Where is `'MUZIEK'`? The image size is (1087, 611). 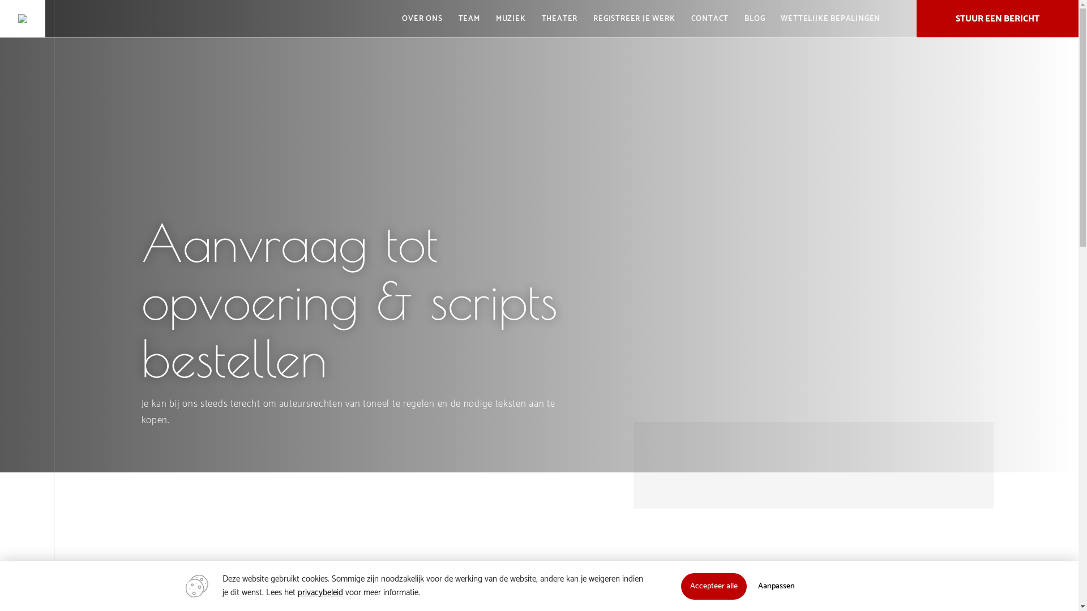 'MUZIEK' is located at coordinates (510, 19).